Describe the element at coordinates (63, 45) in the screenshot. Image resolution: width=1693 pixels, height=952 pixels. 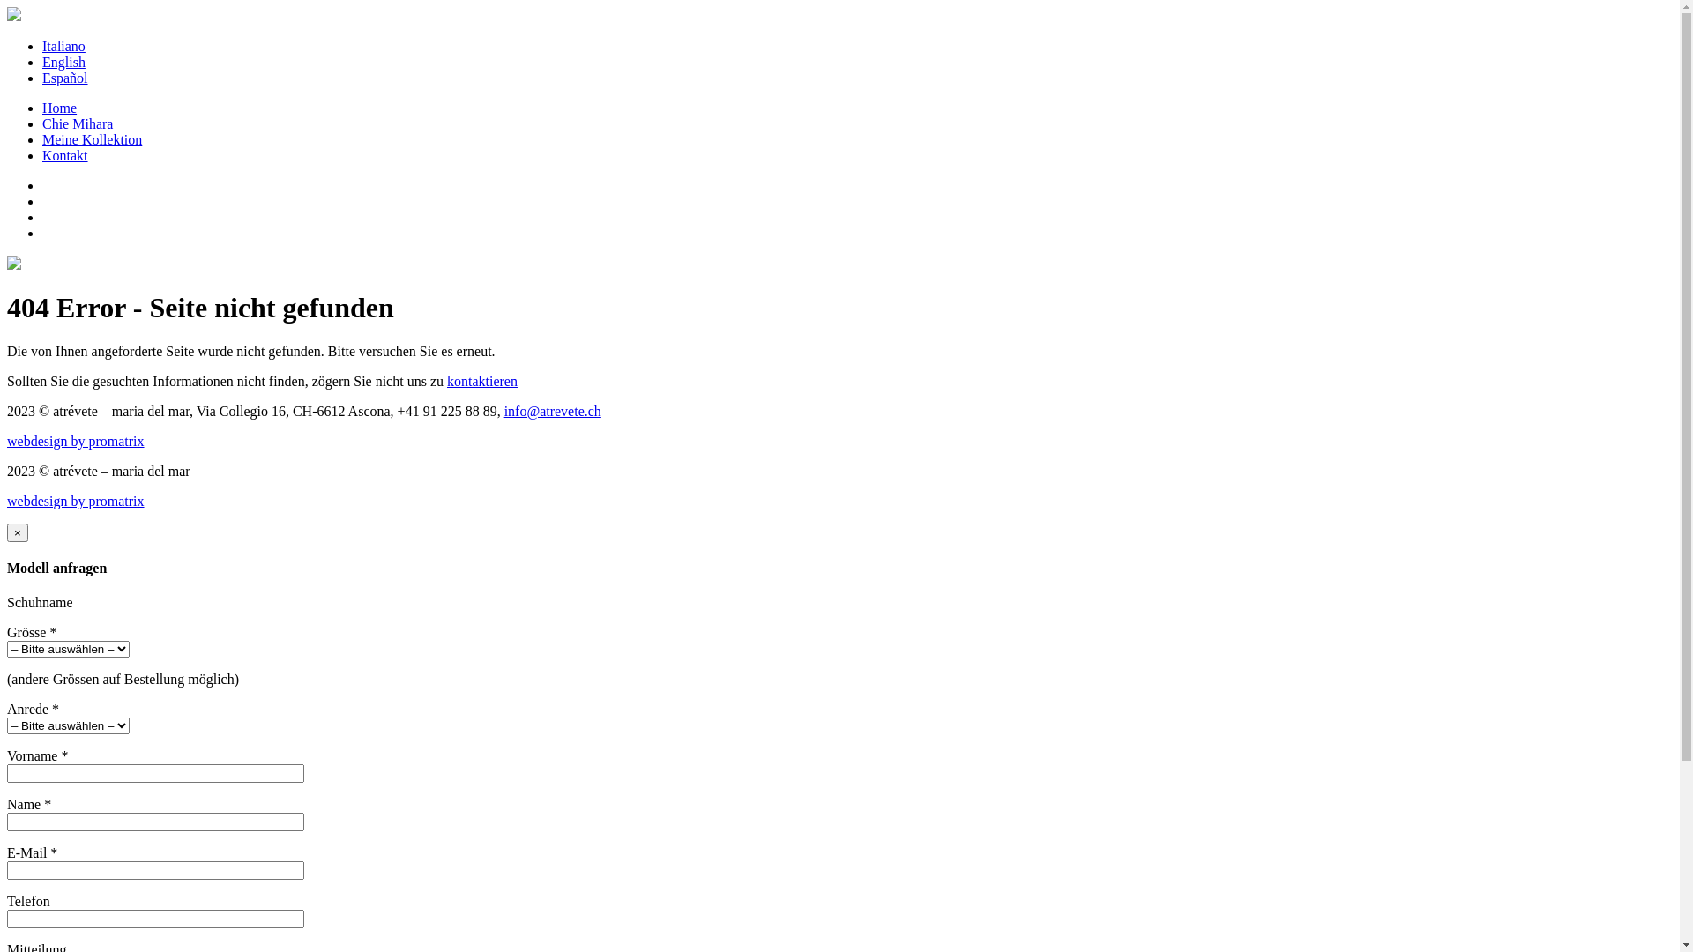
I see `'Italiano'` at that location.